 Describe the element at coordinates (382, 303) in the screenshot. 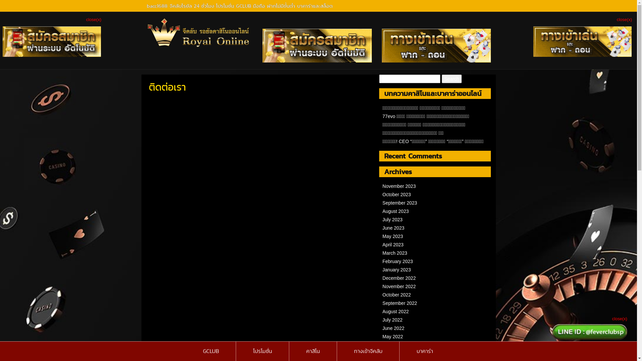

I see `'September 2022'` at that location.